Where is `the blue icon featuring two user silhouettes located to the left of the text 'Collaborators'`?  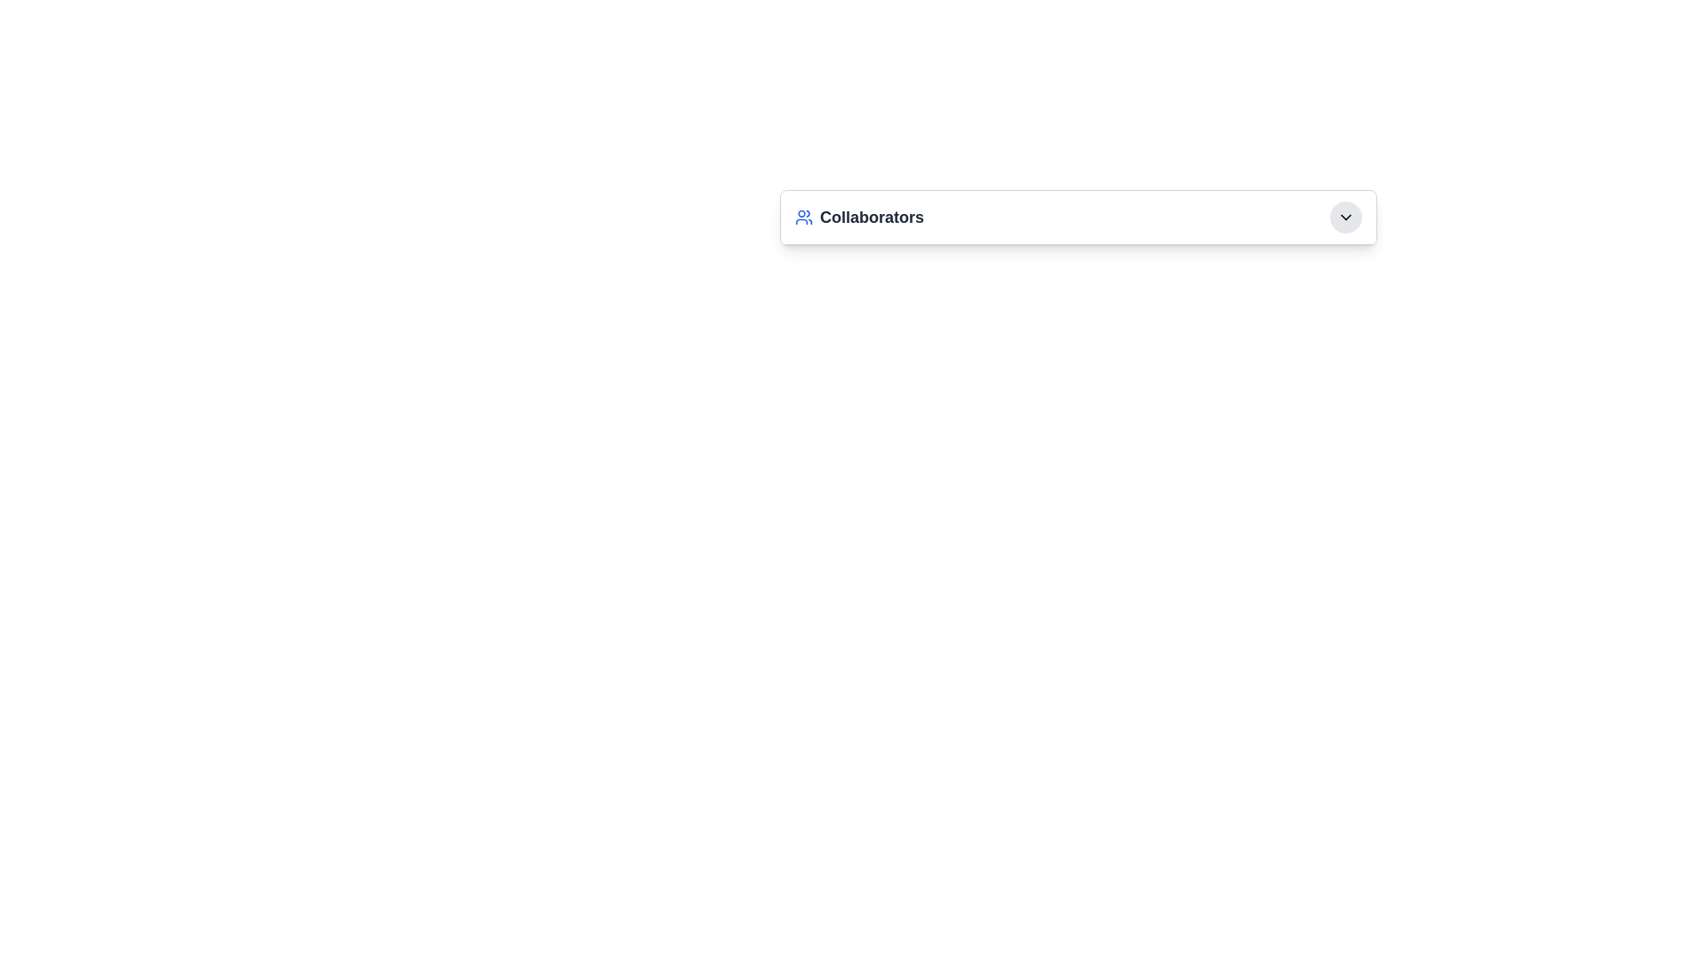
the blue icon featuring two user silhouettes located to the left of the text 'Collaborators' is located at coordinates (803, 217).